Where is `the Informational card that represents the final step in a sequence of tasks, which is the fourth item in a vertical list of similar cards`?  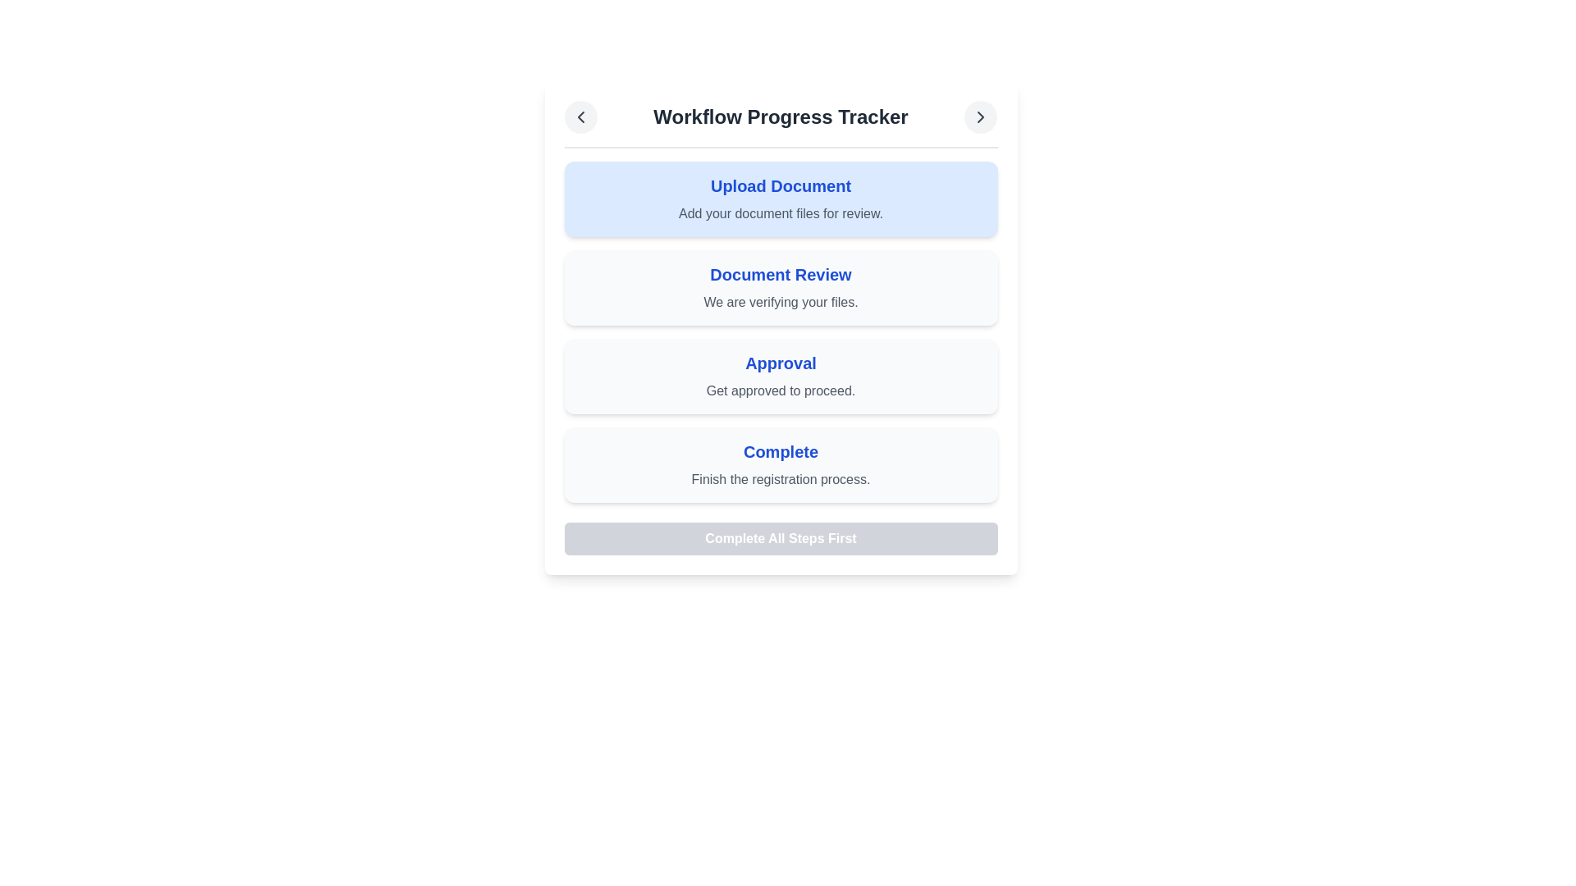
the Informational card that represents the final step in a sequence of tasks, which is the fourth item in a vertical list of similar cards is located at coordinates (780, 465).